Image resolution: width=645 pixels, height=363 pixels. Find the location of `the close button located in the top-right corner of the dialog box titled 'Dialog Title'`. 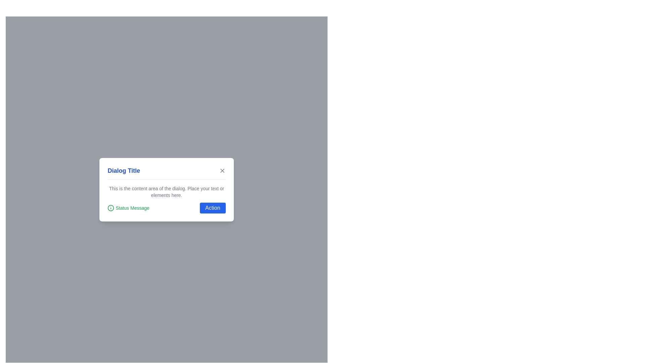

the close button located in the top-right corner of the dialog box titled 'Dialog Title' is located at coordinates (222, 170).